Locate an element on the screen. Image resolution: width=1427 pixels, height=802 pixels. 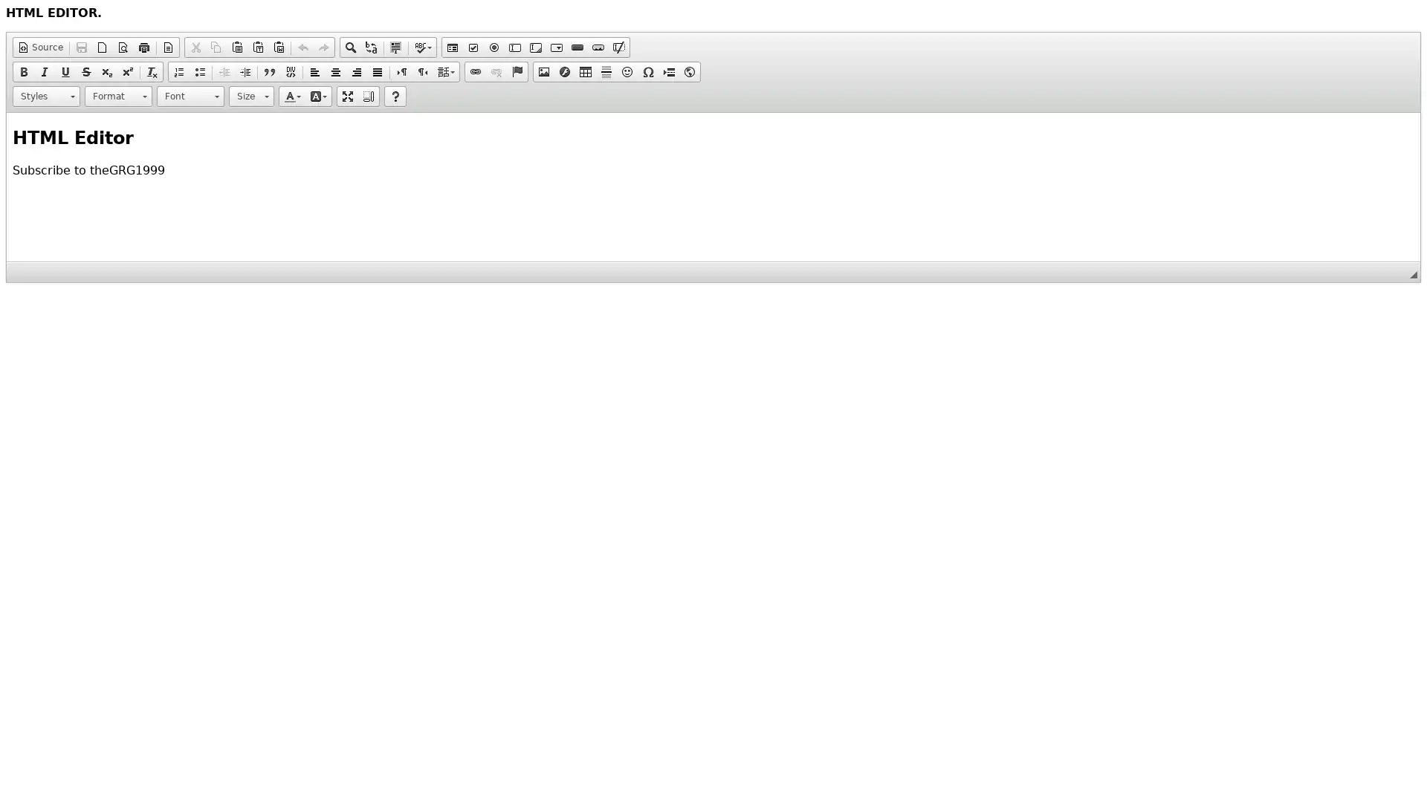
Hidden Field is located at coordinates (619, 47).